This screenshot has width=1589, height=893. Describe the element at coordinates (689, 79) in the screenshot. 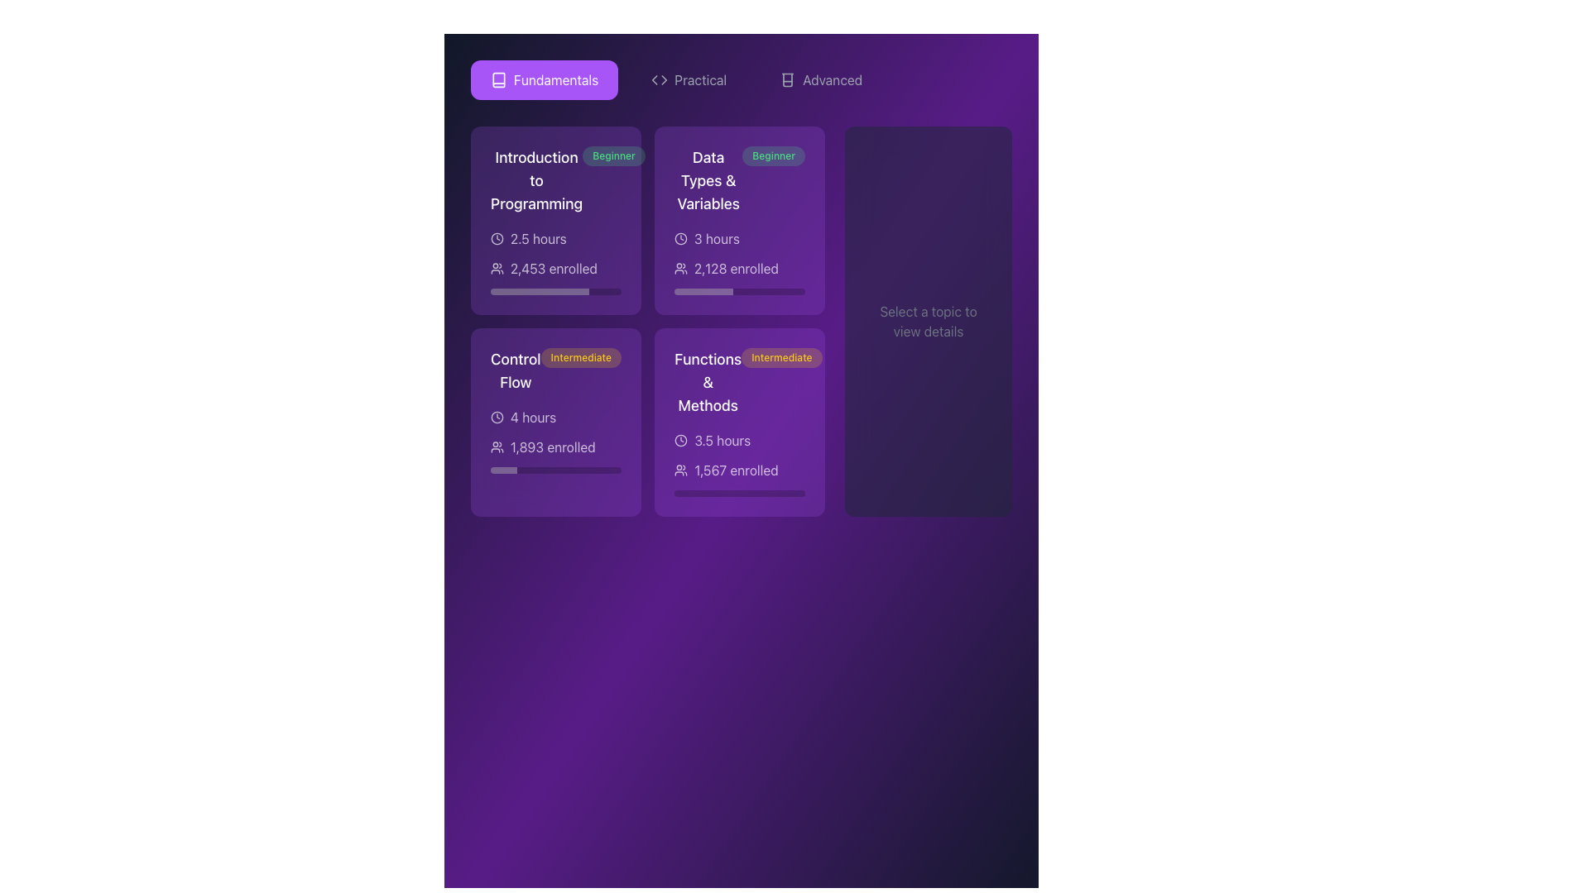

I see `the 'Practical' button in the navigation bar` at that location.